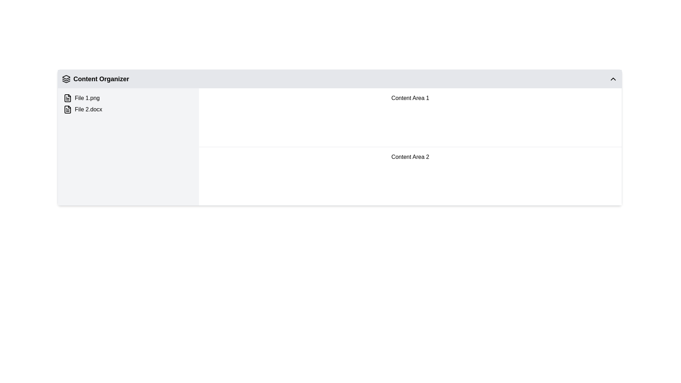 Image resolution: width=681 pixels, height=383 pixels. I want to click on the List Item representing 'File 2.docx', so click(128, 109).